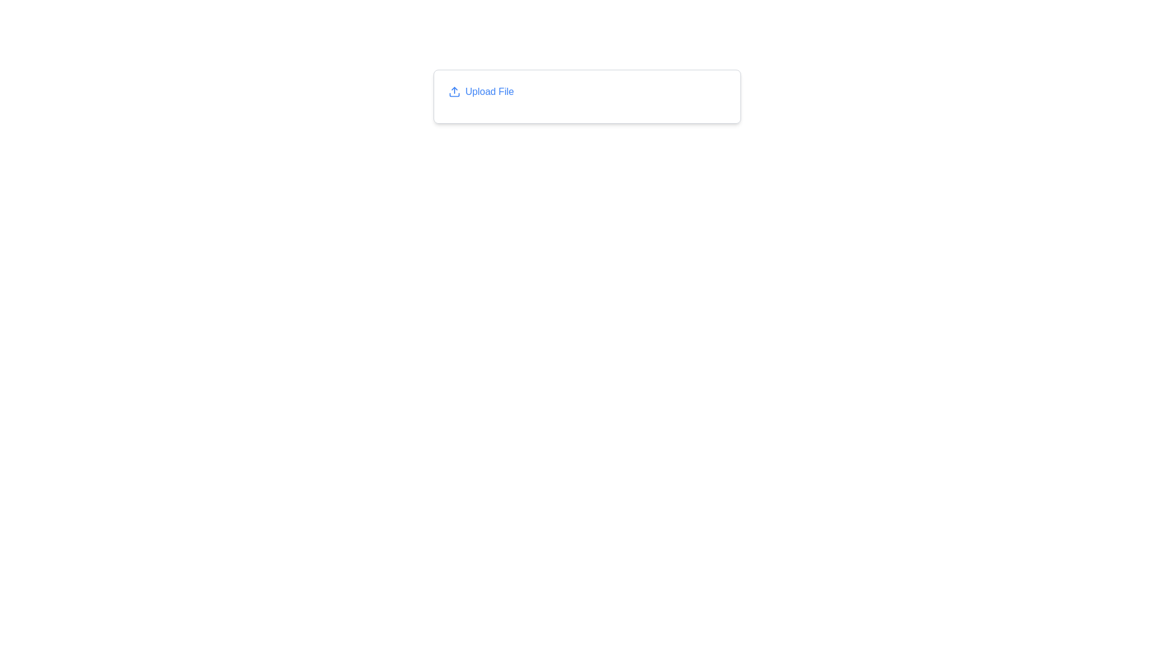  What do you see at coordinates (489, 91) in the screenshot?
I see `the clickable text link that triggers file uploads` at bounding box center [489, 91].